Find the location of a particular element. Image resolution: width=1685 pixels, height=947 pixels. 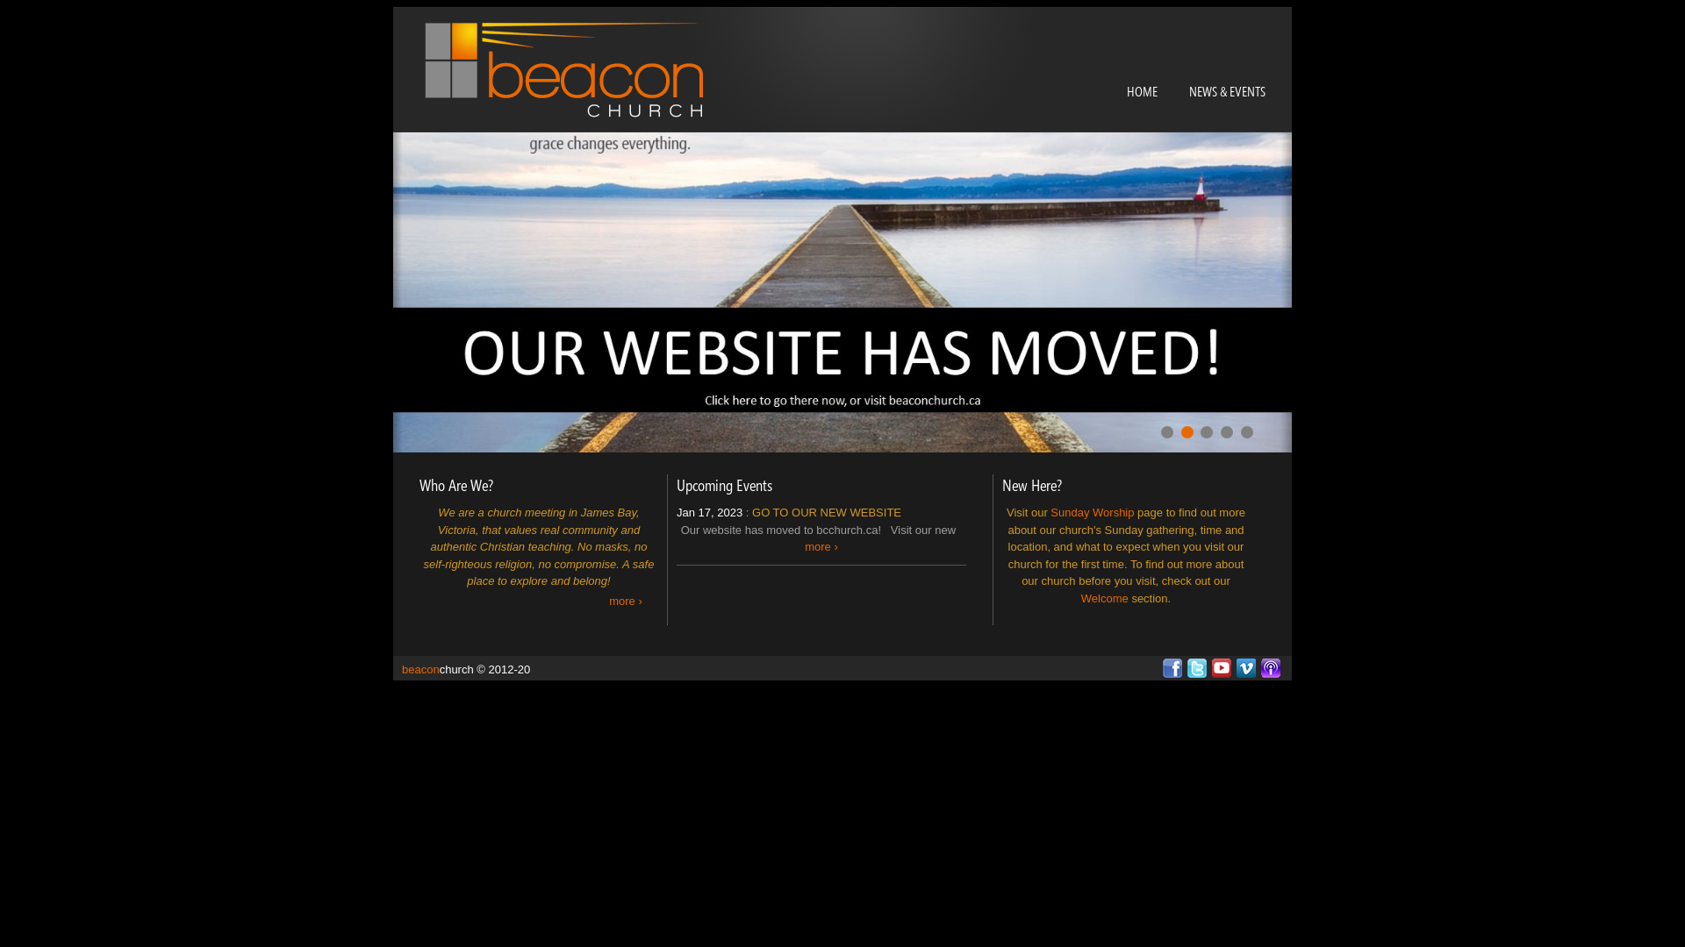

'Sunday Worship' is located at coordinates (1091, 512).